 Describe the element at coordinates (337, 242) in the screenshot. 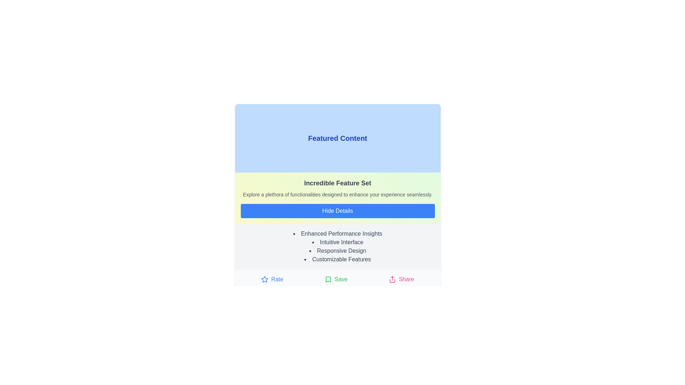

I see `the second item in the bulleted list which serves as a descriptive text label, located below the 'Hide Details' button and above the action buttons` at that location.